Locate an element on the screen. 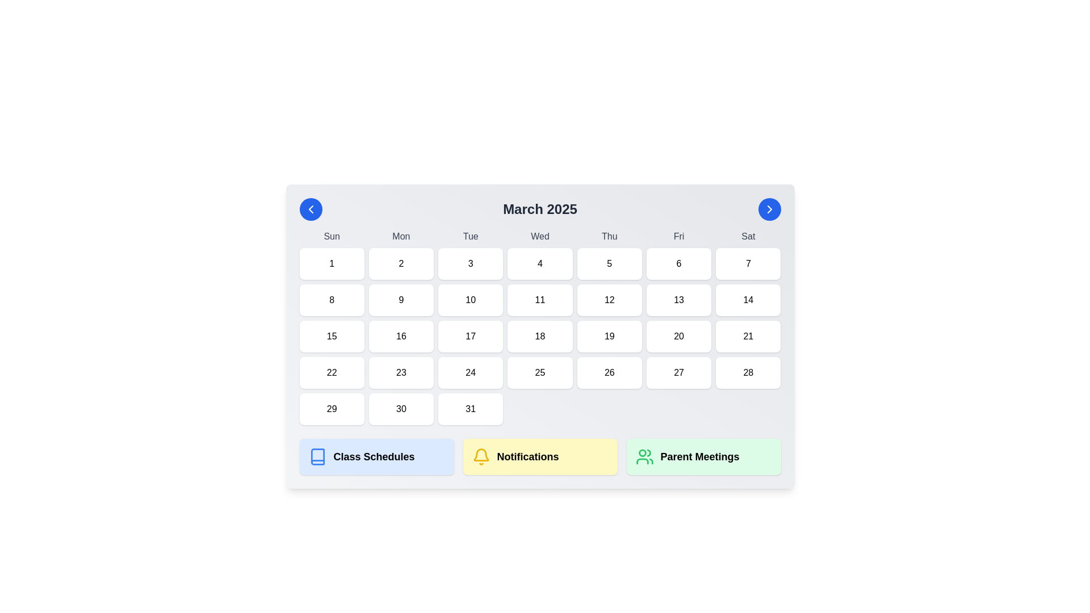 The height and width of the screenshot is (613, 1090). the text label displaying 'Sat', which is the last item in the group of weekday labels at the top of the calendar view is located at coordinates (748, 236).